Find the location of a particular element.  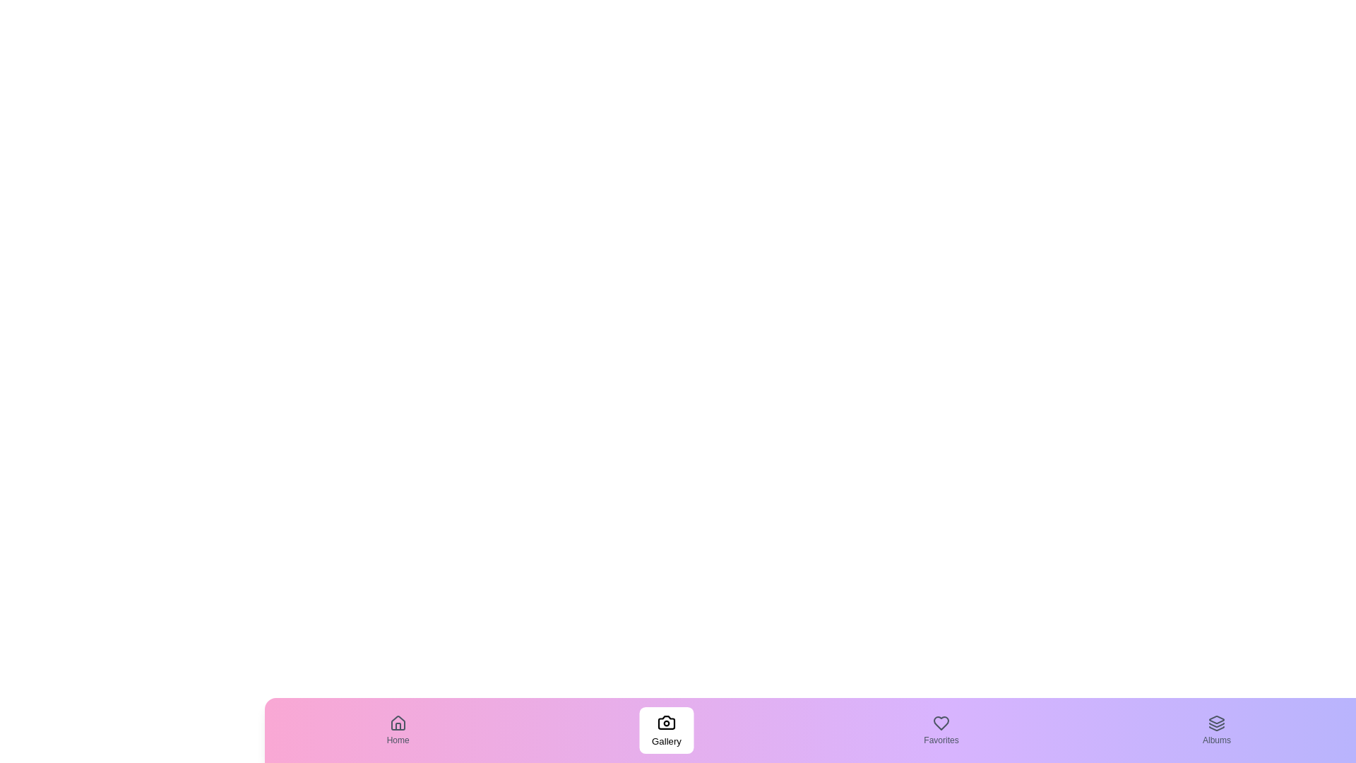

the tab labeled Gallery to observe its hover effect is located at coordinates (666, 730).